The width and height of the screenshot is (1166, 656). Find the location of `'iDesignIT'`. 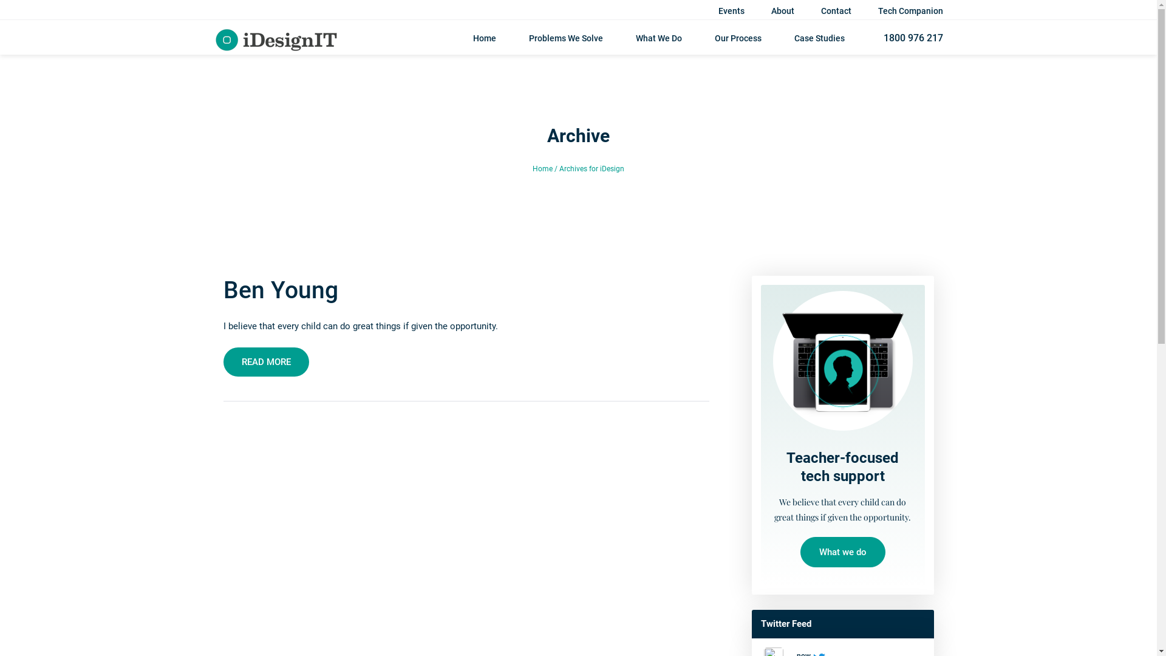

'iDesignIT' is located at coordinates (276, 37).